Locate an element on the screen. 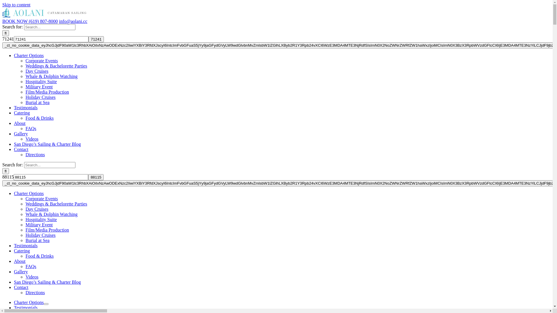  'info@aolani.cc' is located at coordinates (73, 21).